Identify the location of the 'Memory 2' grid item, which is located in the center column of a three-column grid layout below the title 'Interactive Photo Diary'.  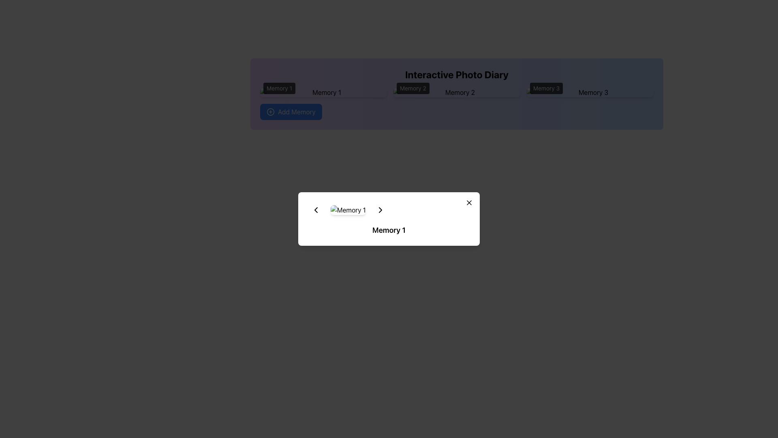
(457, 92).